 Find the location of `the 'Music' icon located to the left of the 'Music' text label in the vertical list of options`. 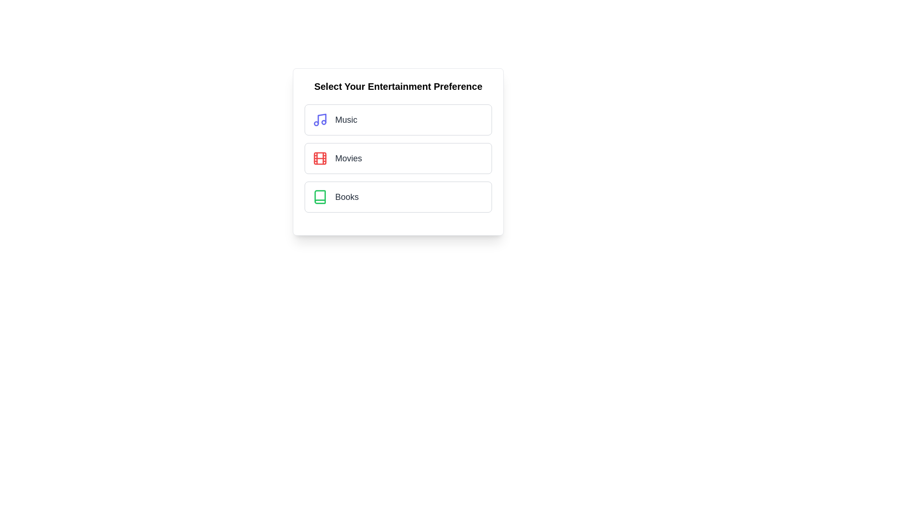

the 'Music' icon located to the left of the 'Music' text label in the vertical list of options is located at coordinates (320, 119).